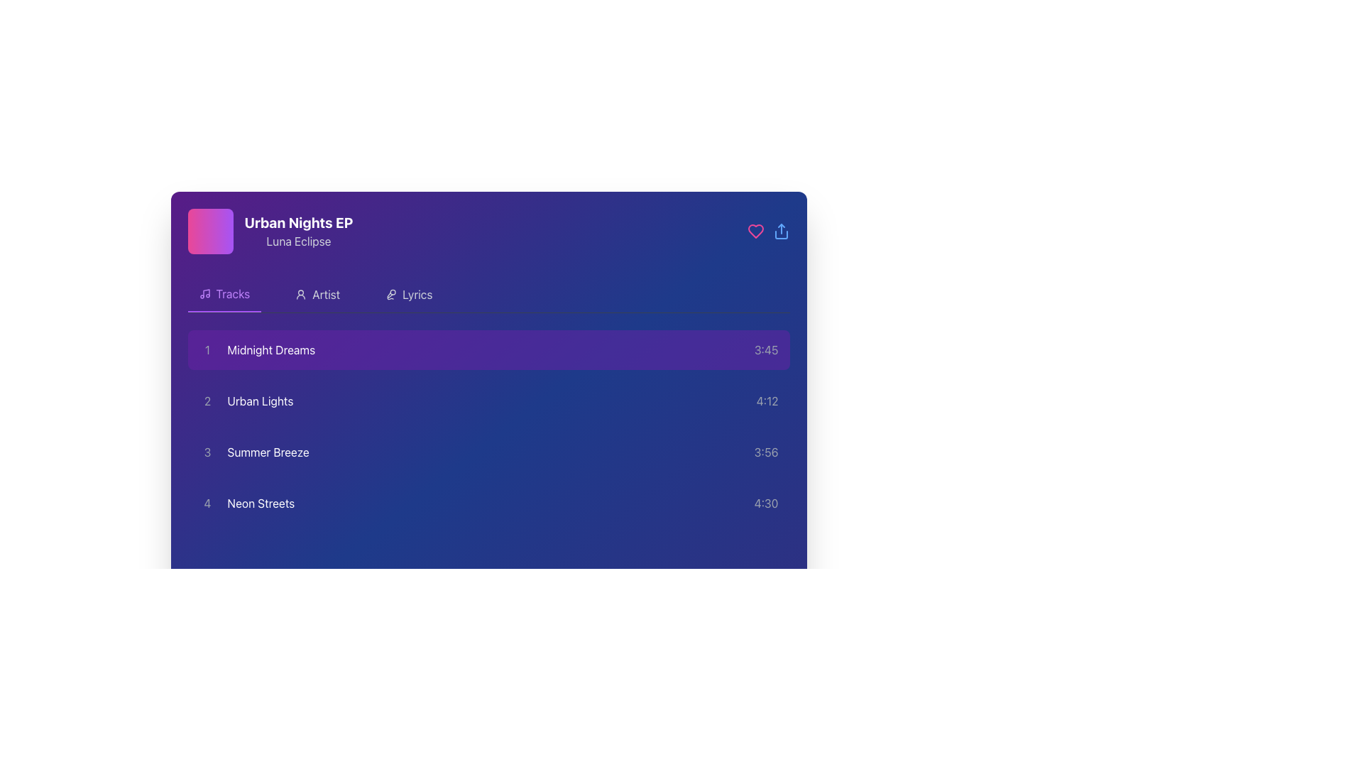 This screenshot has height=767, width=1363. Describe the element at coordinates (488, 401) in the screenshot. I see `the second button-like list item in the playlist that is positioned between '1 Midnight Dreams' and '3 Summer Breeze'` at that location.